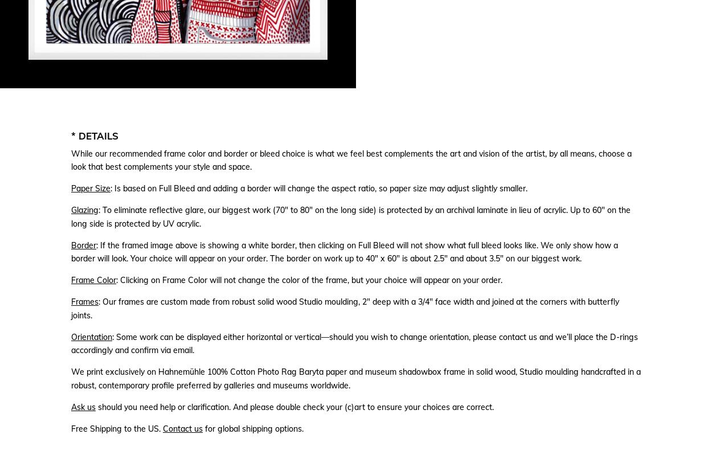 This screenshot has width=712, height=463. Describe the element at coordinates (356, 378) in the screenshot. I see `'We print exclusively on Hahnemühle 100% Cotton Photo Rag Baryta paper and museum shadowbox frame in solid wood, Studio moulding handcrafted in a robust, contemporary profile preferred by galleries and museums worldwide.'` at that location.